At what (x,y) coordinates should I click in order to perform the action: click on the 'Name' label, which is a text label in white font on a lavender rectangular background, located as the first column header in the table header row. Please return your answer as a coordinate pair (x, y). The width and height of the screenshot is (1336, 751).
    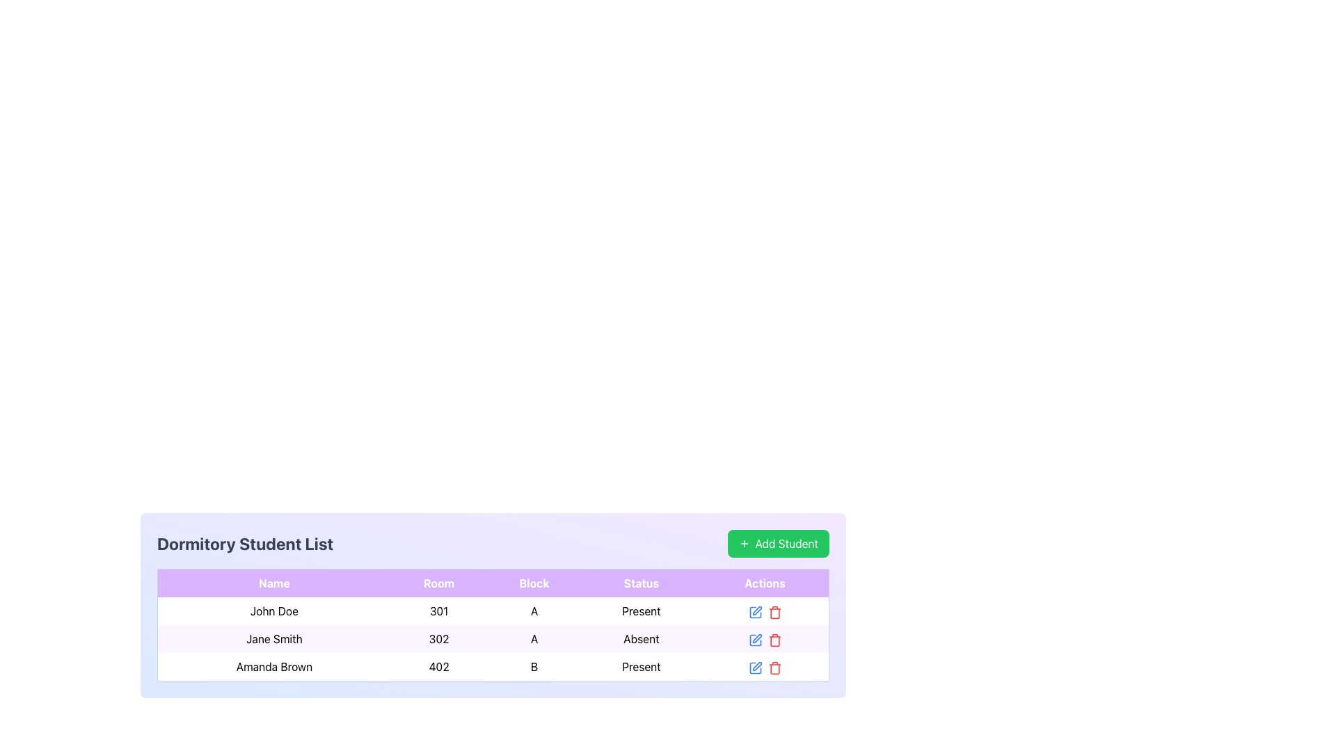
    Looking at the image, I should click on (274, 583).